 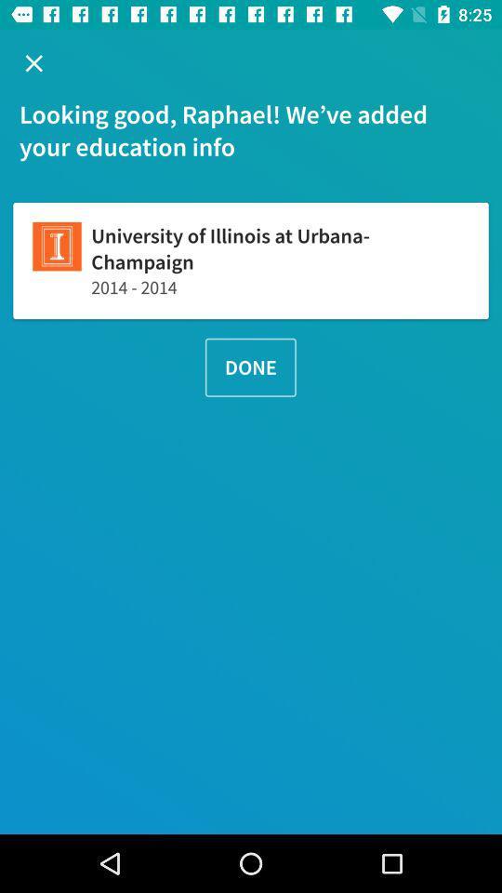 What do you see at coordinates (250, 367) in the screenshot?
I see `done item` at bounding box center [250, 367].